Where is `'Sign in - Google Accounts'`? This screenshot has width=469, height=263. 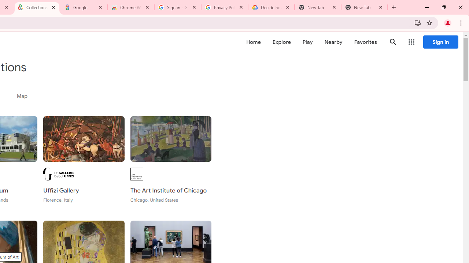
'Sign in - Google Accounts' is located at coordinates (178, 7).